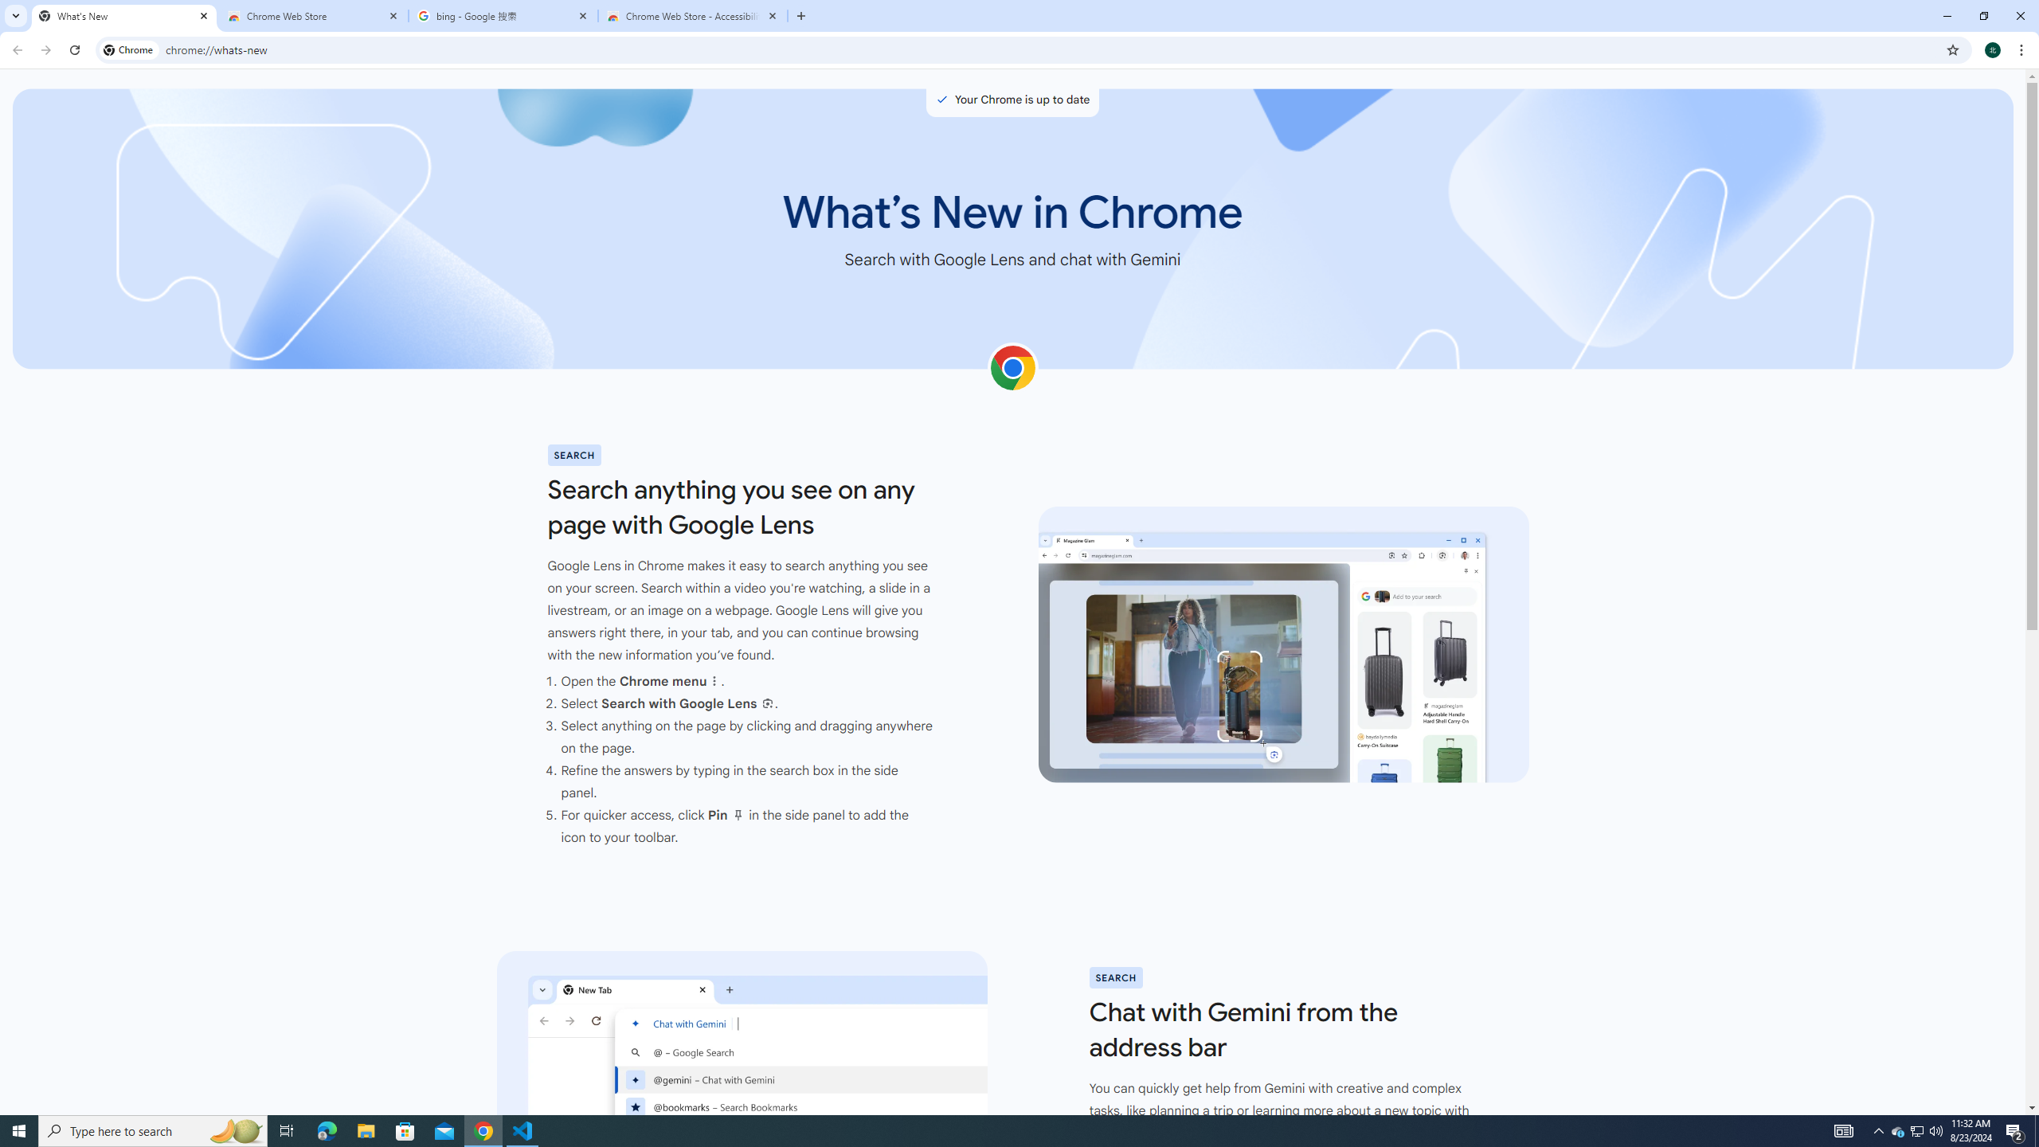 This screenshot has height=1147, width=2039. What do you see at coordinates (123, 15) in the screenshot?
I see `'What'` at bounding box center [123, 15].